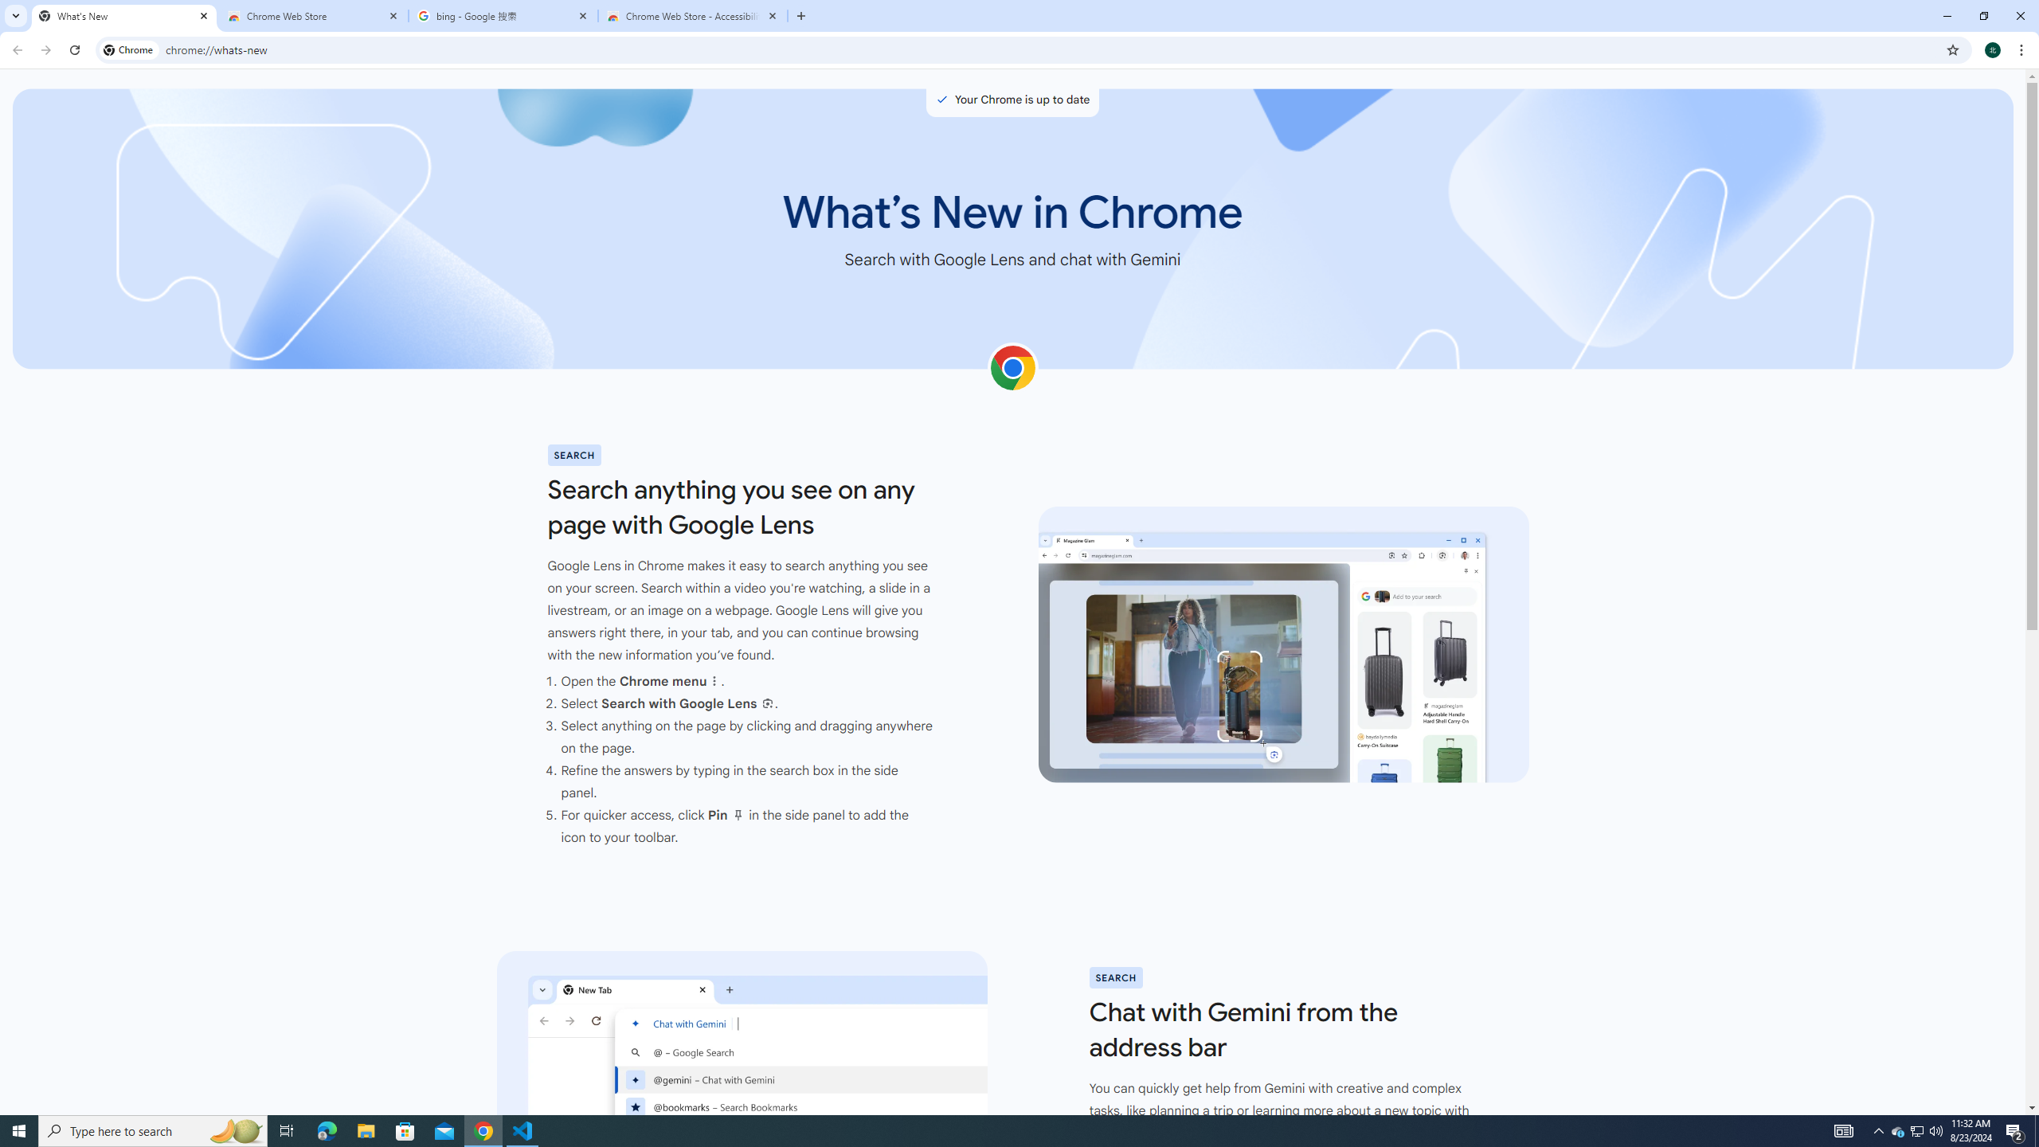 This screenshot has height=1147, width=2039. What do you see at coordinates (123, 15) in the screenshot?
I see `'What'` at bounding box center [123, 15].